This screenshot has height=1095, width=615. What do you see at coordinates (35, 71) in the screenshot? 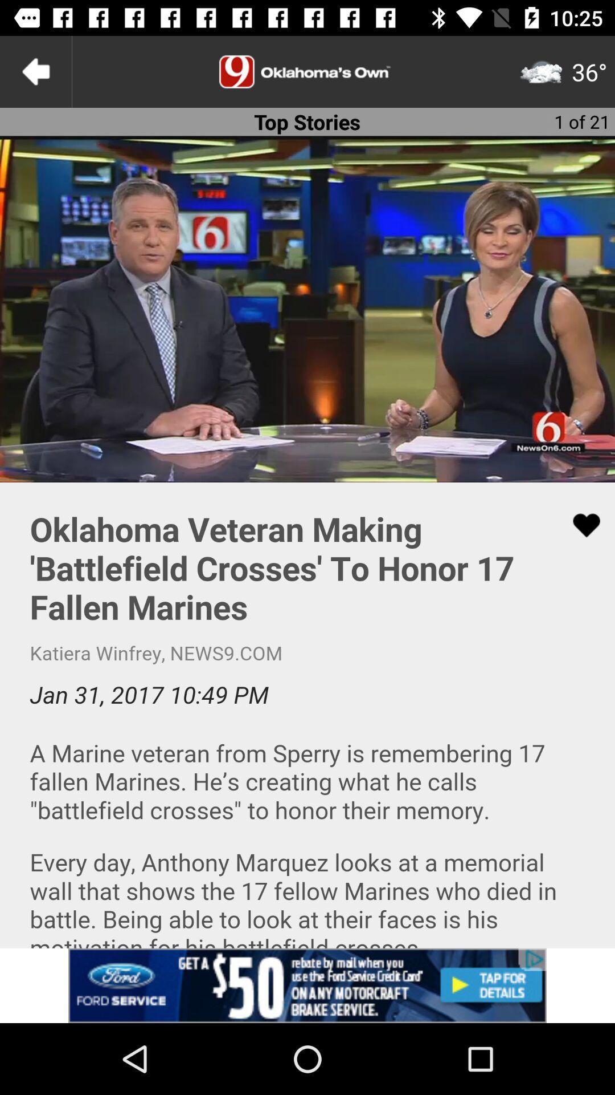
I see `previous` at bounding box center [35, 71].